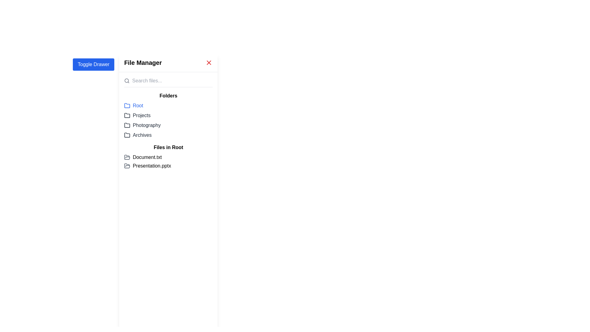 The height and width of the screenshot is (332, 590). Describe the element at coordinates (127, 115) in the screenshot. I see `the folder icon representing the 'Projects' folder in the file management section, located in the left panel of the interface` at that location.